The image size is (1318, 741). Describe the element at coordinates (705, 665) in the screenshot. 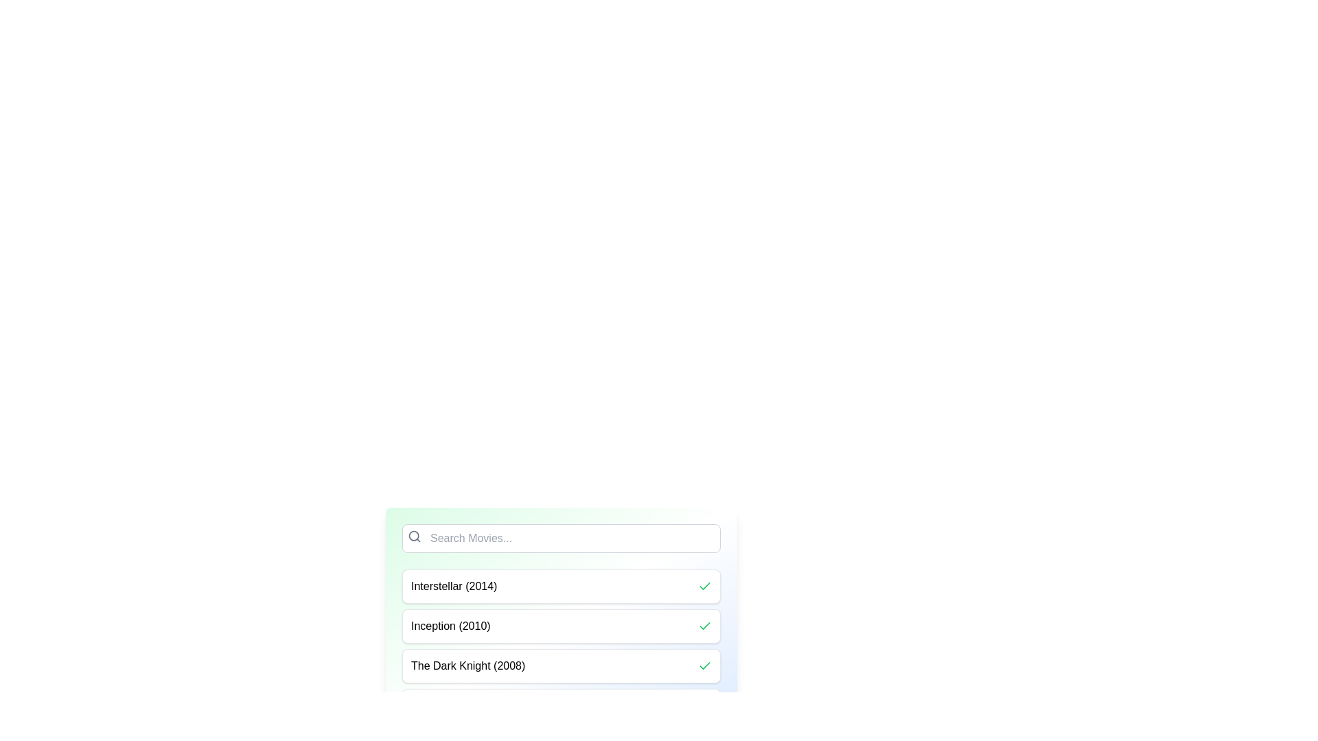

I see `the green checkmark icon indicating a completed state, located to the far right of the 'Inception (2010)' list item` at that location.